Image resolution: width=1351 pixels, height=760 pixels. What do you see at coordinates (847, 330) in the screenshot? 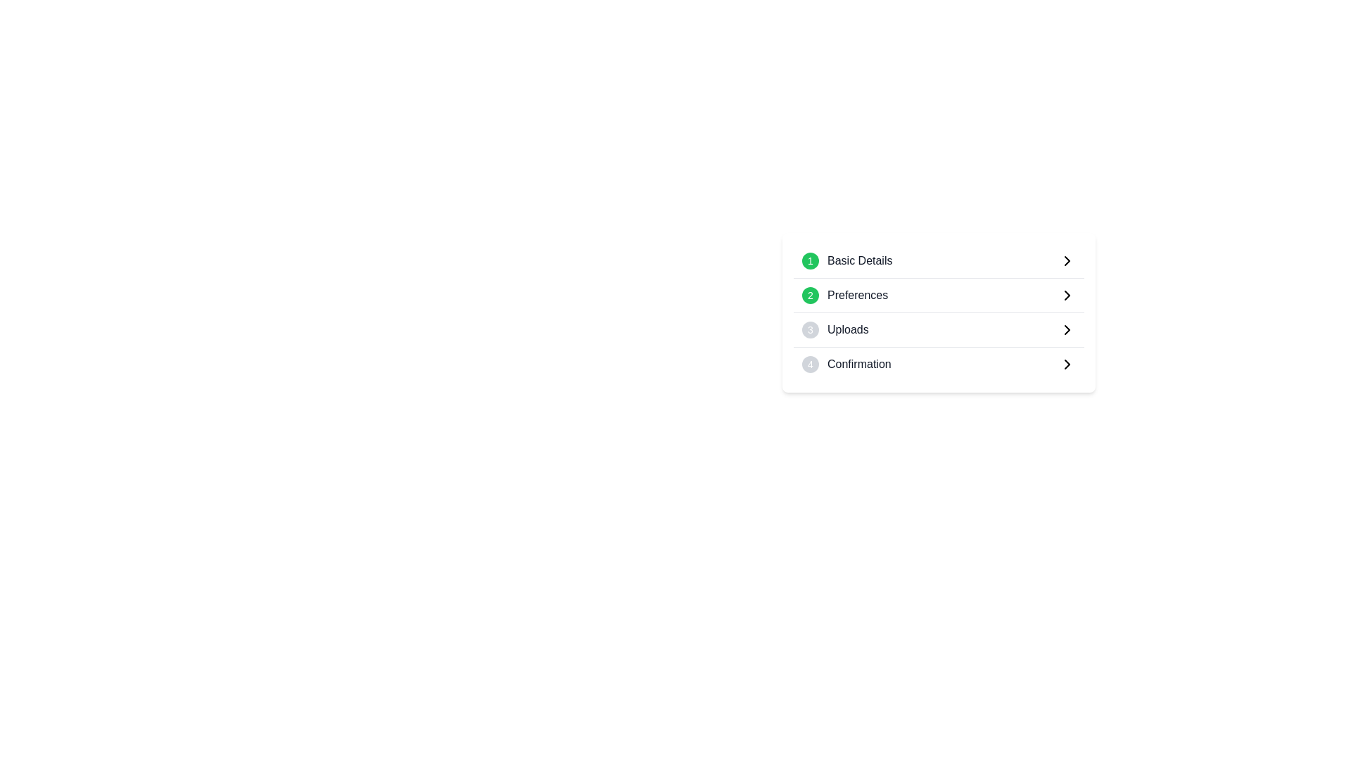
I see `'Uploads' label, which is part of the third item in a vertical list, located to the right of a circular icon with the number '3'` at bounding box center [847, 330].